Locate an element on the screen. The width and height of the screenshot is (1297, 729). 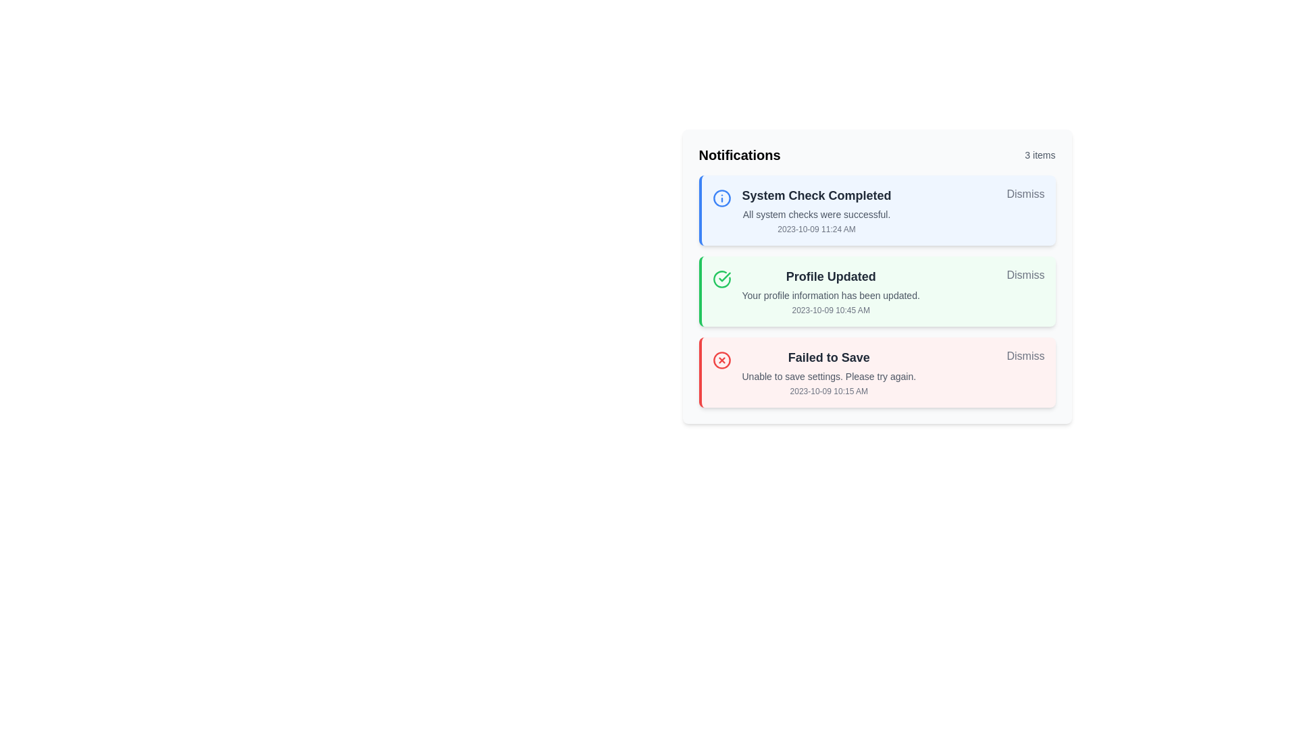
information presented in the 'Failed to Save' notification text, which is located beneath the title and above the timestamp is located at coordinates (828, 383).